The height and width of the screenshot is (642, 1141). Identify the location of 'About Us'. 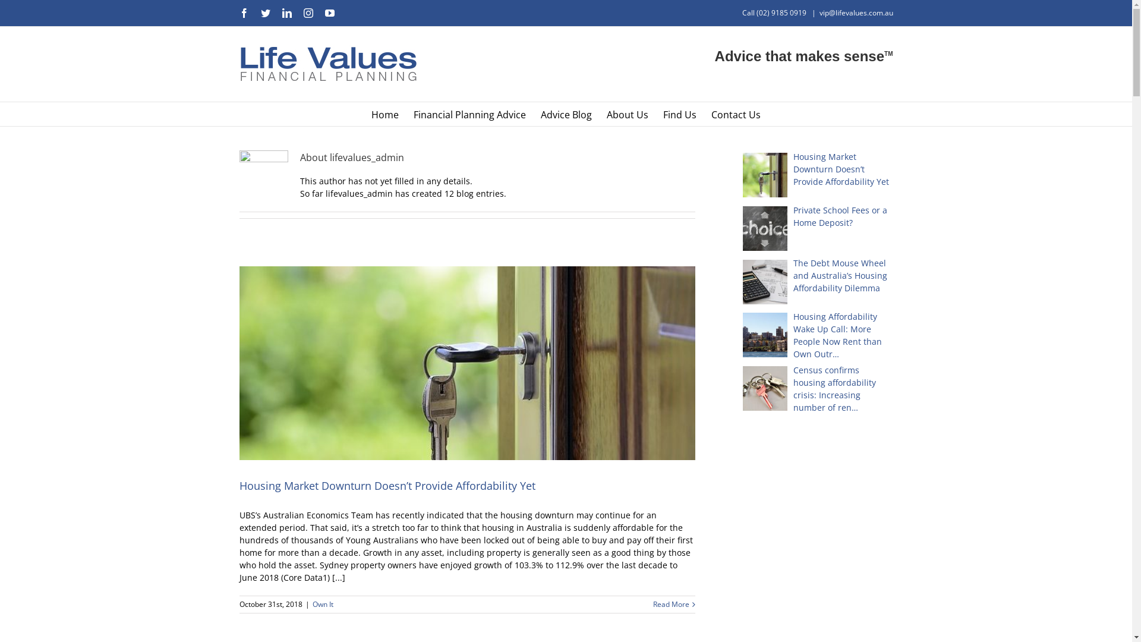
(627, 114).